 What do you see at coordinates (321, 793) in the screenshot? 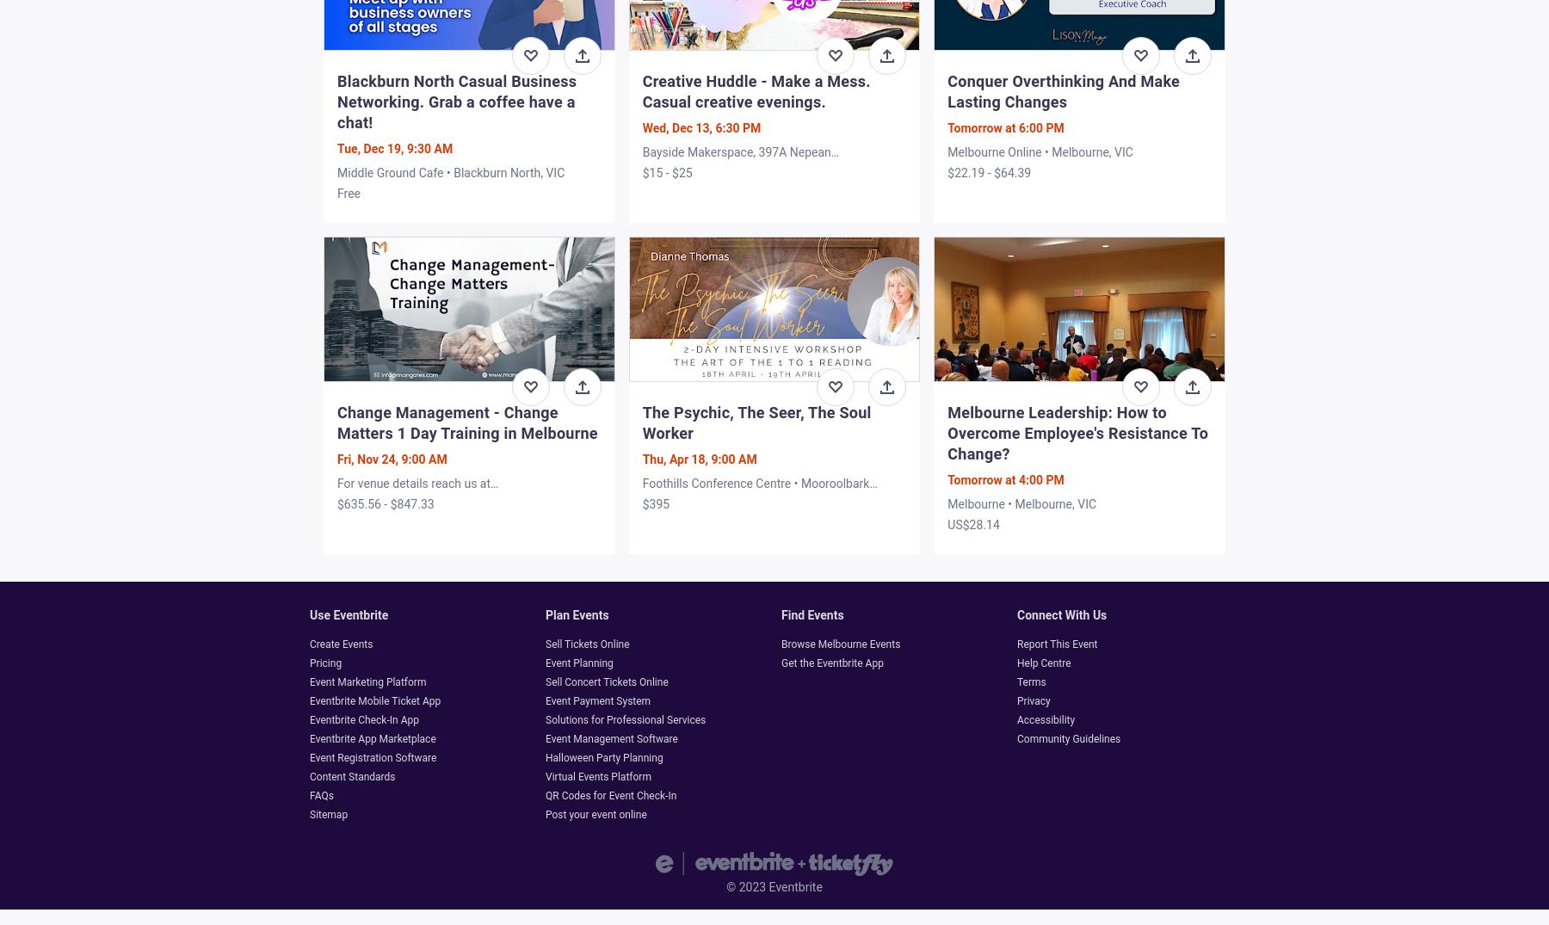
I see `'FAQs'` at bounding box center [321, 793].